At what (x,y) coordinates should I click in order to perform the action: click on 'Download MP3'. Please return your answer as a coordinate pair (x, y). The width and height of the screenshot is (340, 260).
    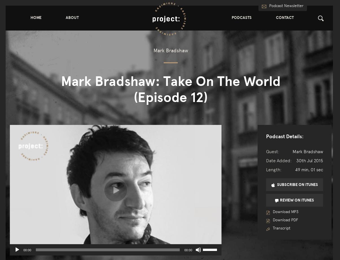
    Looking at the image, I should click on (271, 211).